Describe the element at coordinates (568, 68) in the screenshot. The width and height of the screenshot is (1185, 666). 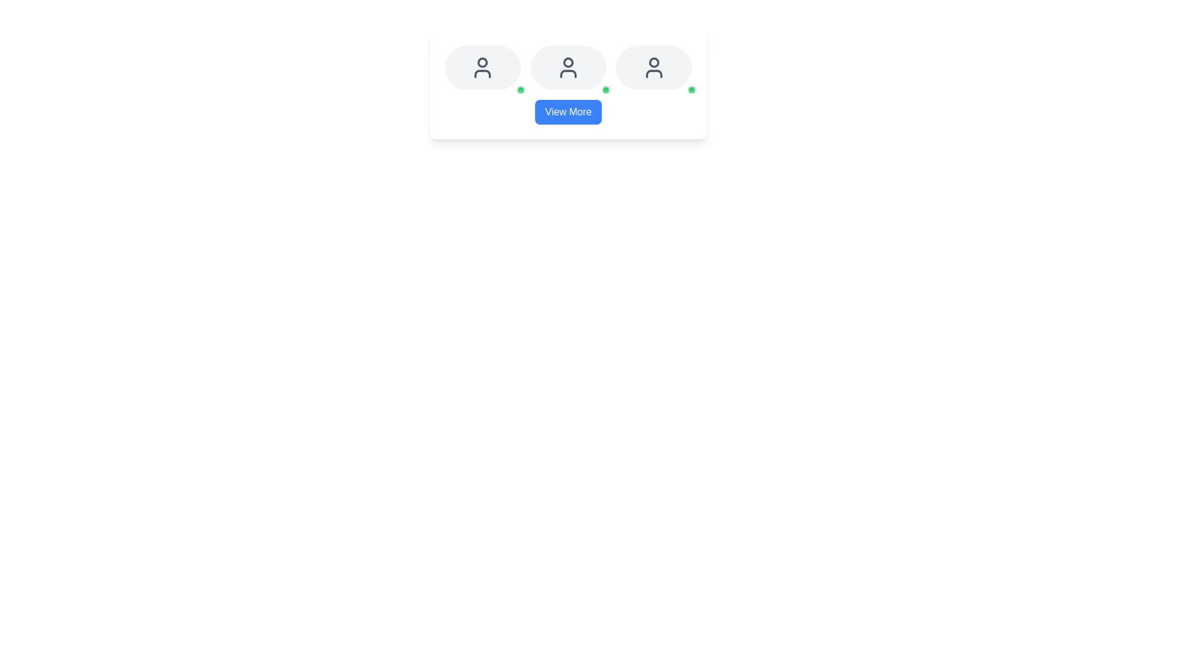
I see `the circular user silhouette icon with a dark gray color and light gray background, which is centrally positioned among three similar icons` at that location.